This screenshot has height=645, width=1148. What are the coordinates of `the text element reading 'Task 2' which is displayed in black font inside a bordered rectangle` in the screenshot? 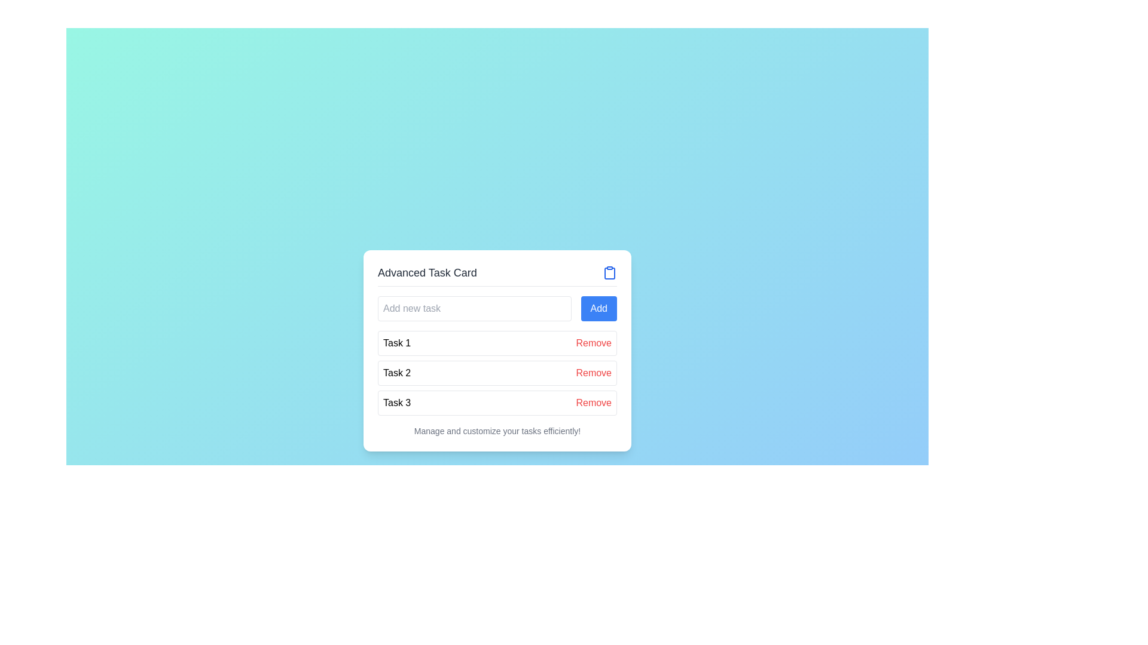 It's located at (397, 372).